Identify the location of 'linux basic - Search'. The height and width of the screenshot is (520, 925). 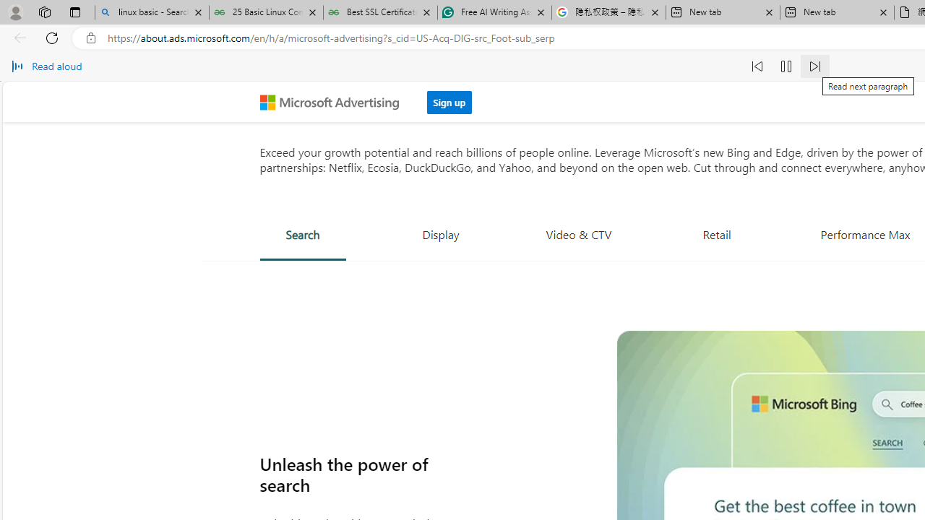
(152, 12).